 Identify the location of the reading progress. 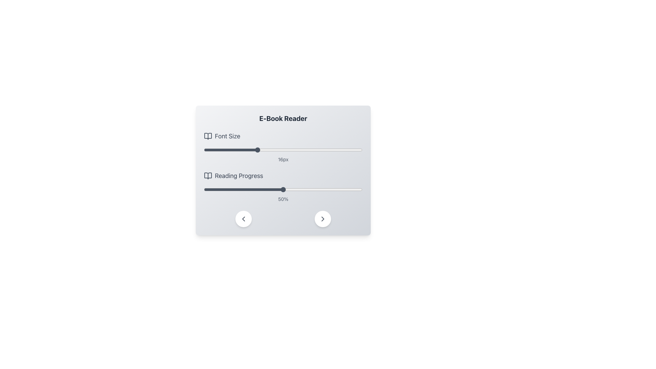
(343, 190).